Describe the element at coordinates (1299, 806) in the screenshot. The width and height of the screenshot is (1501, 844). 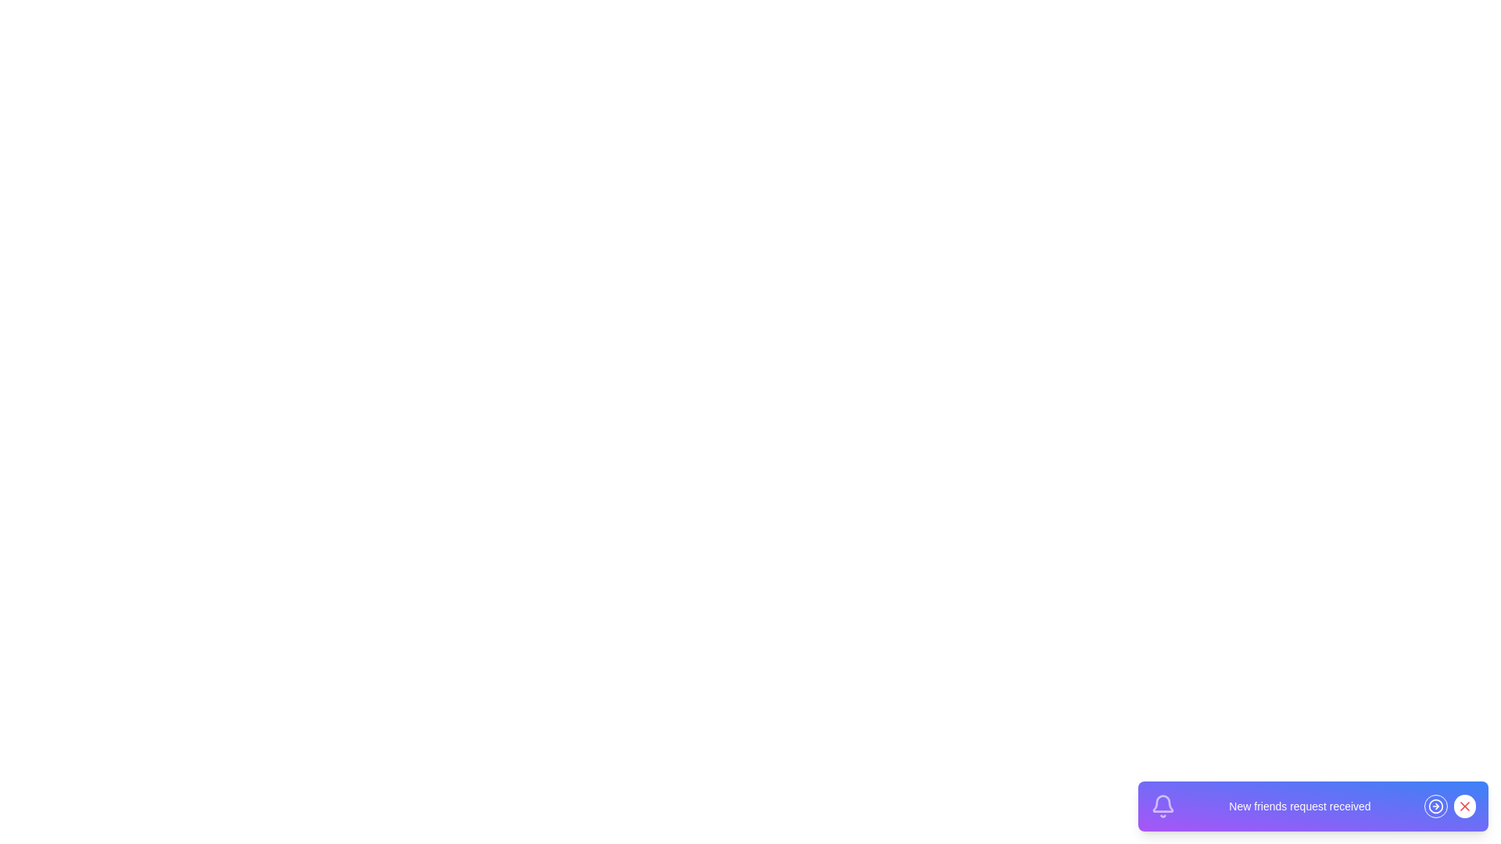
I see `the notification text displayed in the snackbar` at that location.